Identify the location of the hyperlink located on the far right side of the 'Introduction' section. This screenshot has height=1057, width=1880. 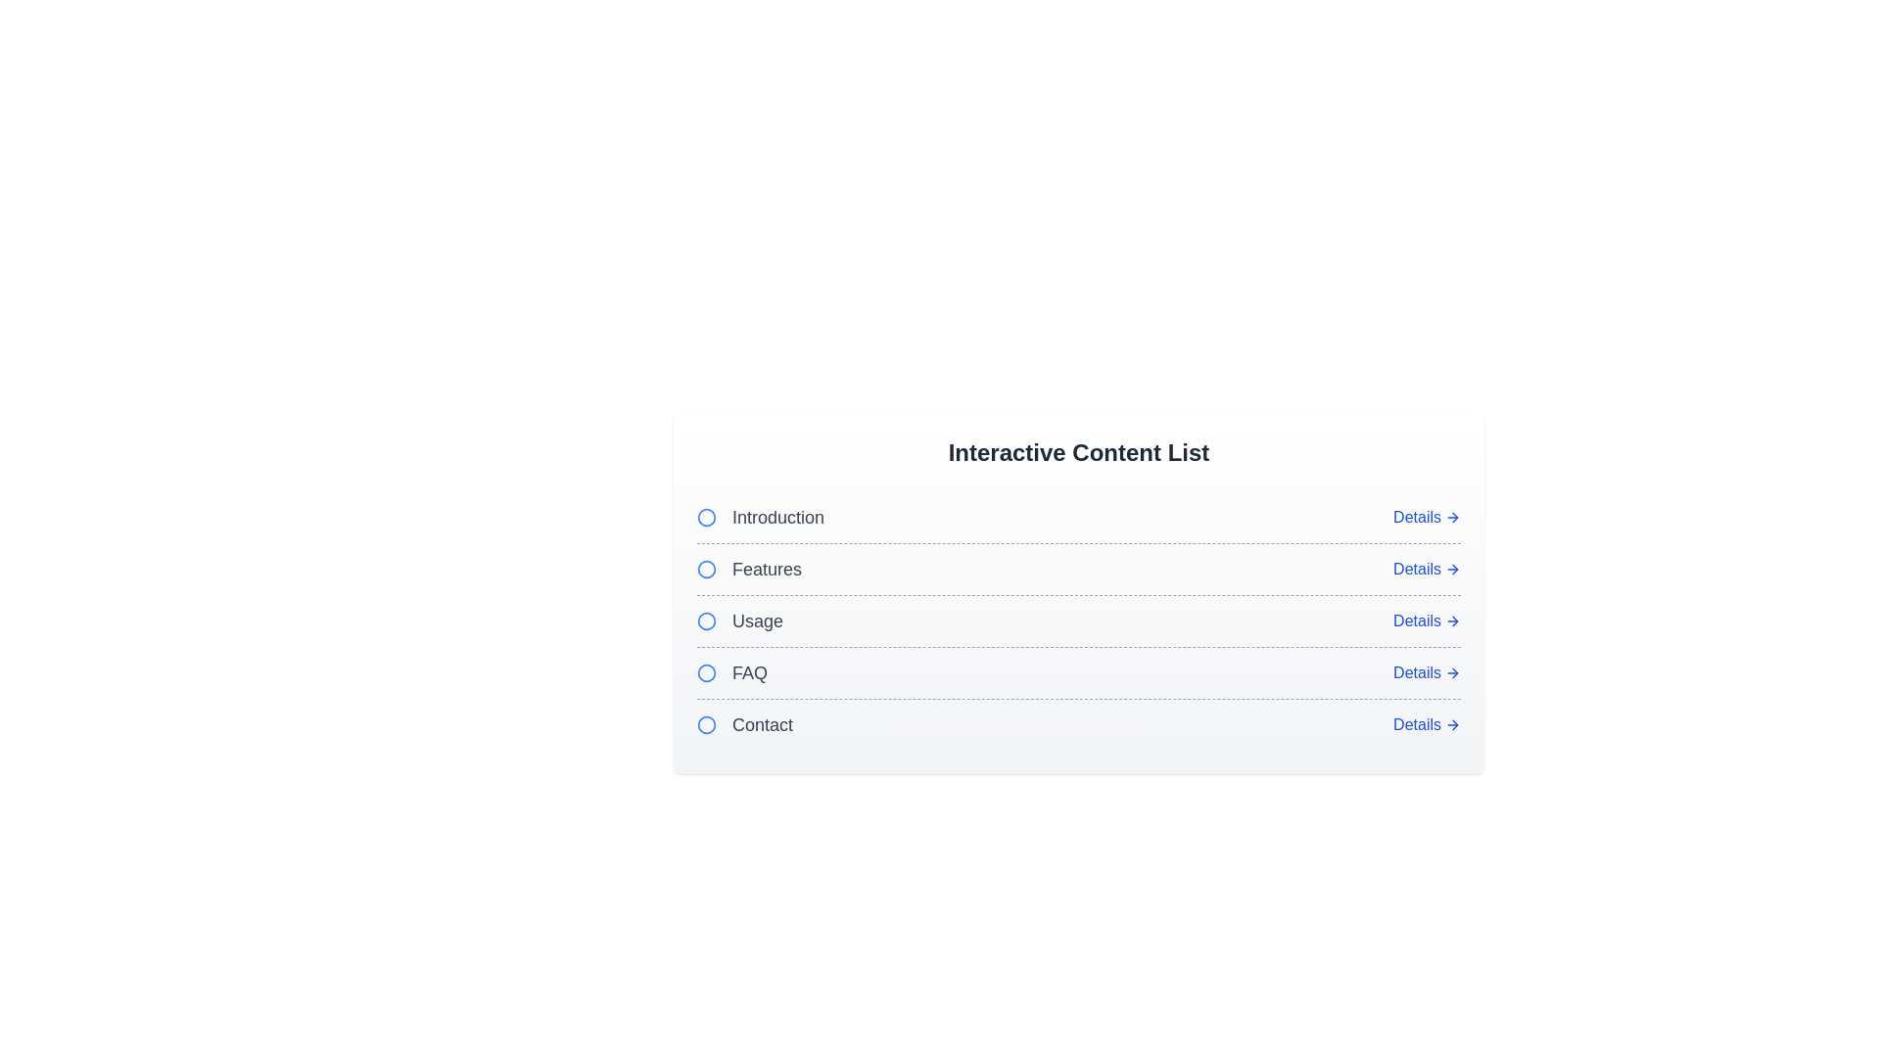
(1427, 516).